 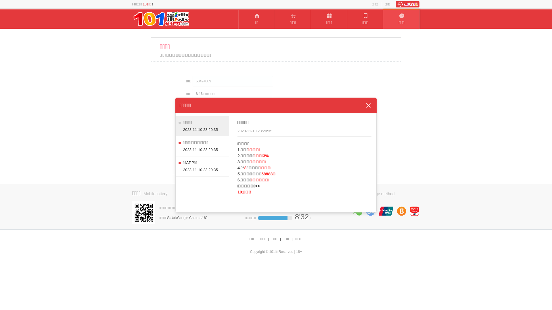 I want to click on '|', so click(x=256, y=239).